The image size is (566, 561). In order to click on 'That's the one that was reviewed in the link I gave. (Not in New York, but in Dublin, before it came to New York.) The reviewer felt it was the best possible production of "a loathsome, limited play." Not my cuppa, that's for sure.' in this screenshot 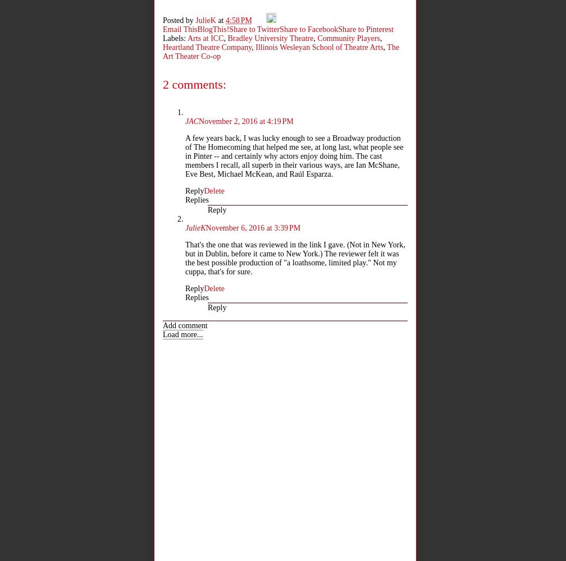, I will do `click(185, 257)`.